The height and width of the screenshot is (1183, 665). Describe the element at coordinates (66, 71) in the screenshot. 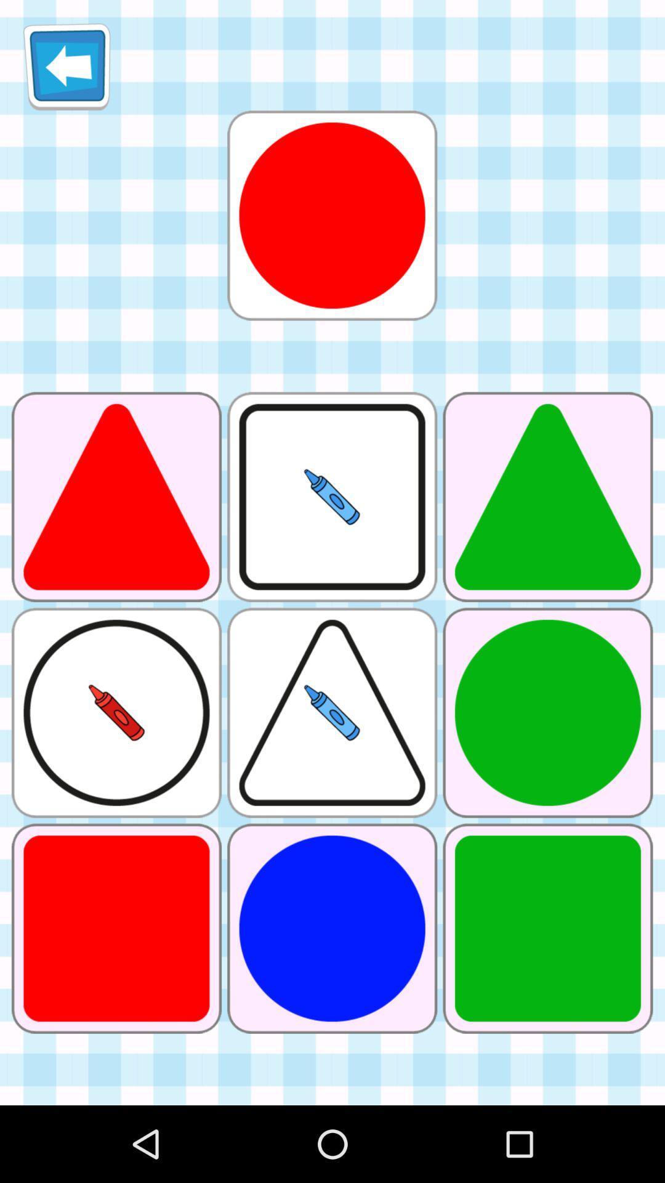

I see `the arrow_backward icon` at that location.